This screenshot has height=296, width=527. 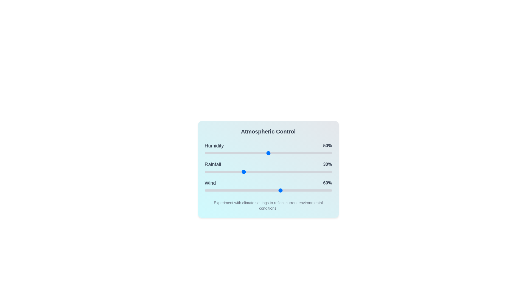 What do you see at coordinates (228, 172) in the screenshot?
I see `the 1 slider to 18%` at bounding box center [228, 172].